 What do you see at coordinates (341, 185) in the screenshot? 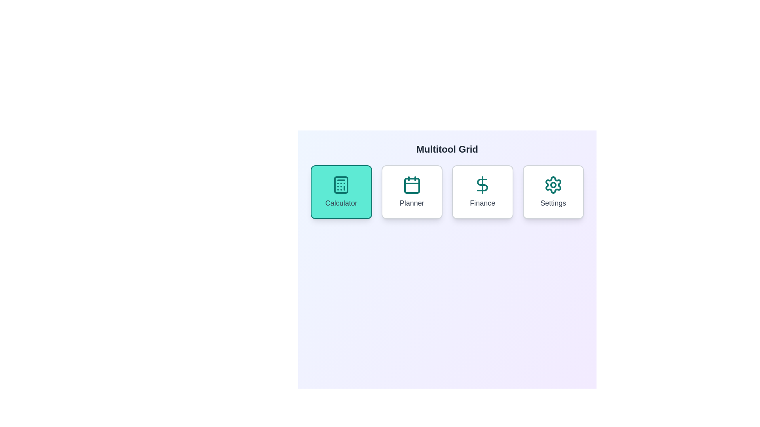
I see `the small rectangular Icon component inside the calculator icon, located under the 'Calculator' label in the first column of the grid` at bounding box center [341, 185].